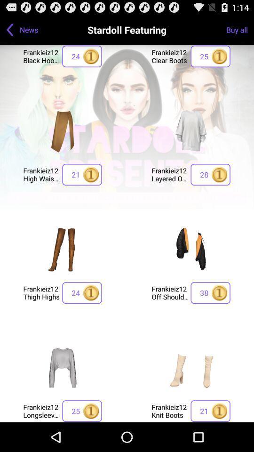 This screenshot has height=452, width=254. Describe the element at coordinates (41, 411) in the screenshot. I see `the button to the left of 25 item` at that location.